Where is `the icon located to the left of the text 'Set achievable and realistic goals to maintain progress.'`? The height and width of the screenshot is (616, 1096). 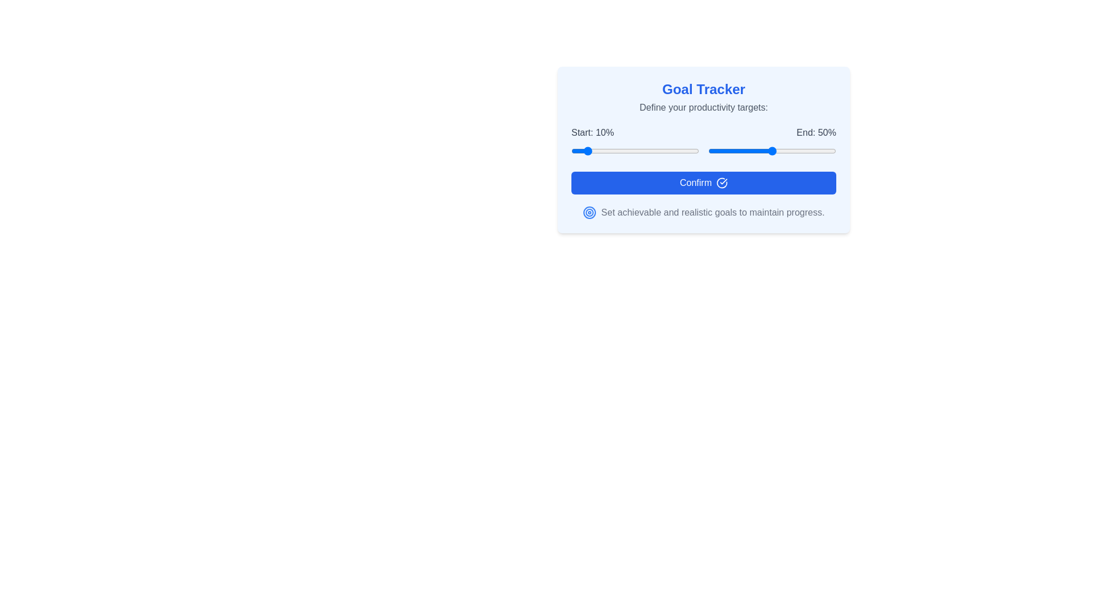
the icon located to the left of the text 'Set achievable and realistic goals to maintain progress.' is located at coordinates (590, 213).